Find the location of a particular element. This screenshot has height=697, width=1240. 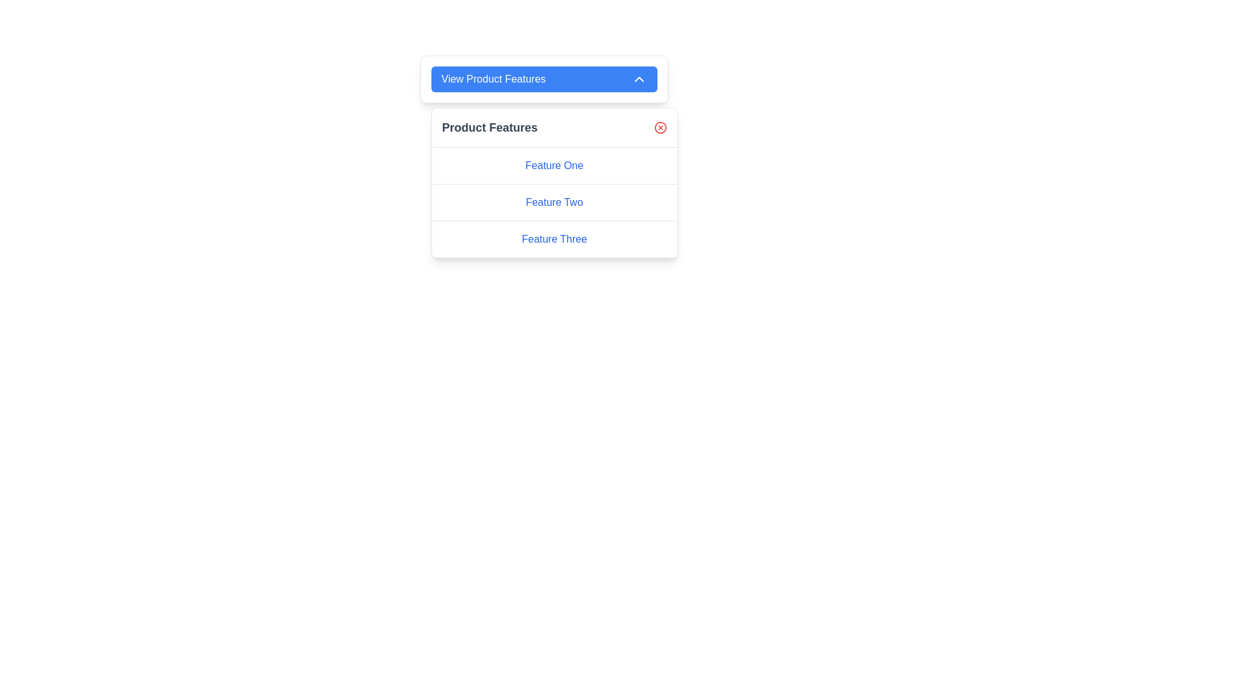

the list component containing items 'Feature One', 'Feature Two', and 'Feature Three' is located at coordinates (554, 203).